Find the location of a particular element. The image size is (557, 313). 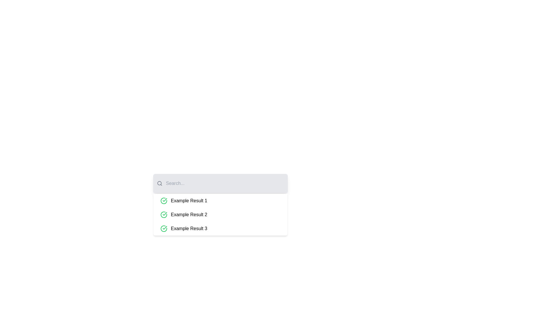

the green checkmark icon enclosed within a circle, which is located on the left side of 'Example Result 3' in the search results is located at coordinates (164, 228).